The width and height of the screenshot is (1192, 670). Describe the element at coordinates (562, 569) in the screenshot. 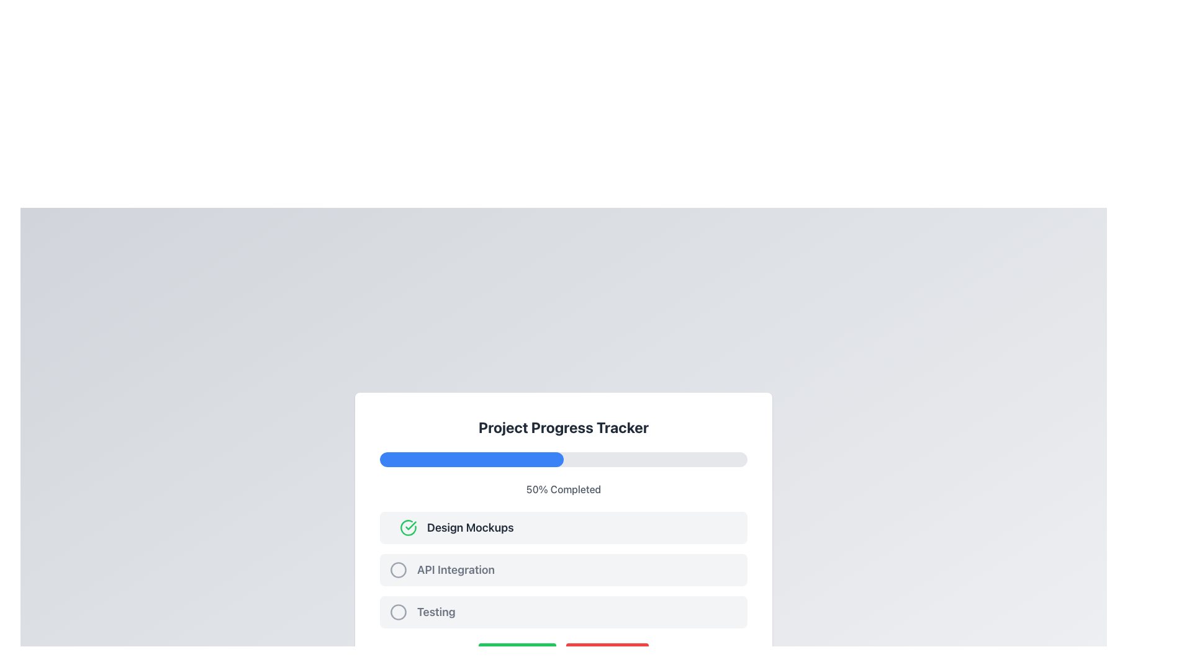

I see `the 'API Integration' list item in the Project Progress Tracker` at that location.